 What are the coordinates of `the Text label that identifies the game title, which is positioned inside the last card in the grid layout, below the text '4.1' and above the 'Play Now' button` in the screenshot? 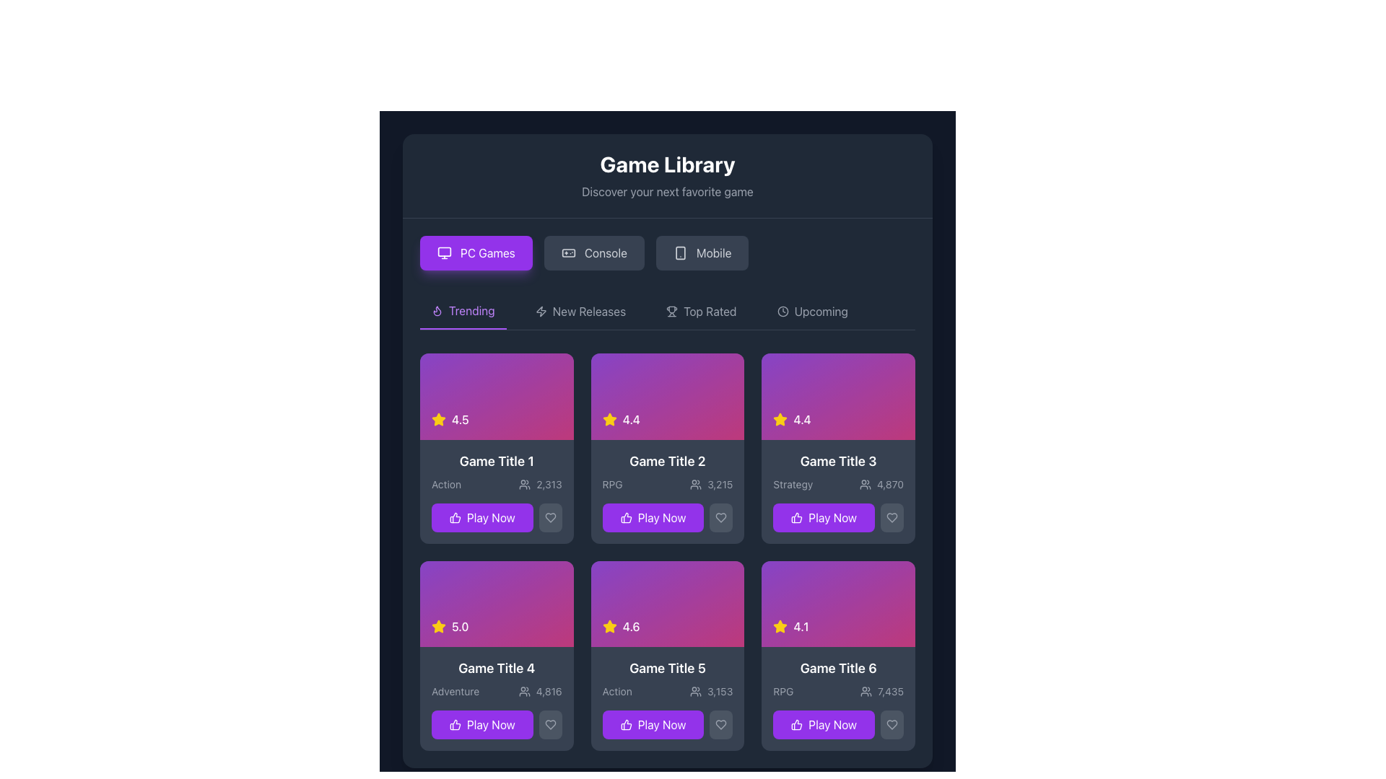 It's located at (838, 669).